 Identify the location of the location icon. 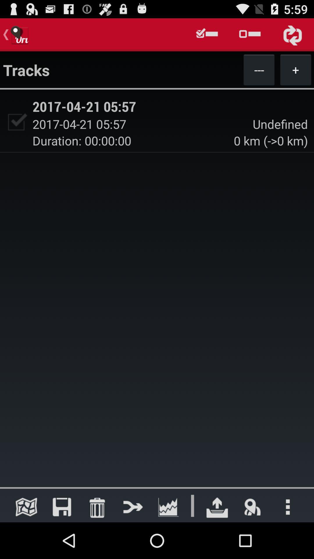
(252, 542).